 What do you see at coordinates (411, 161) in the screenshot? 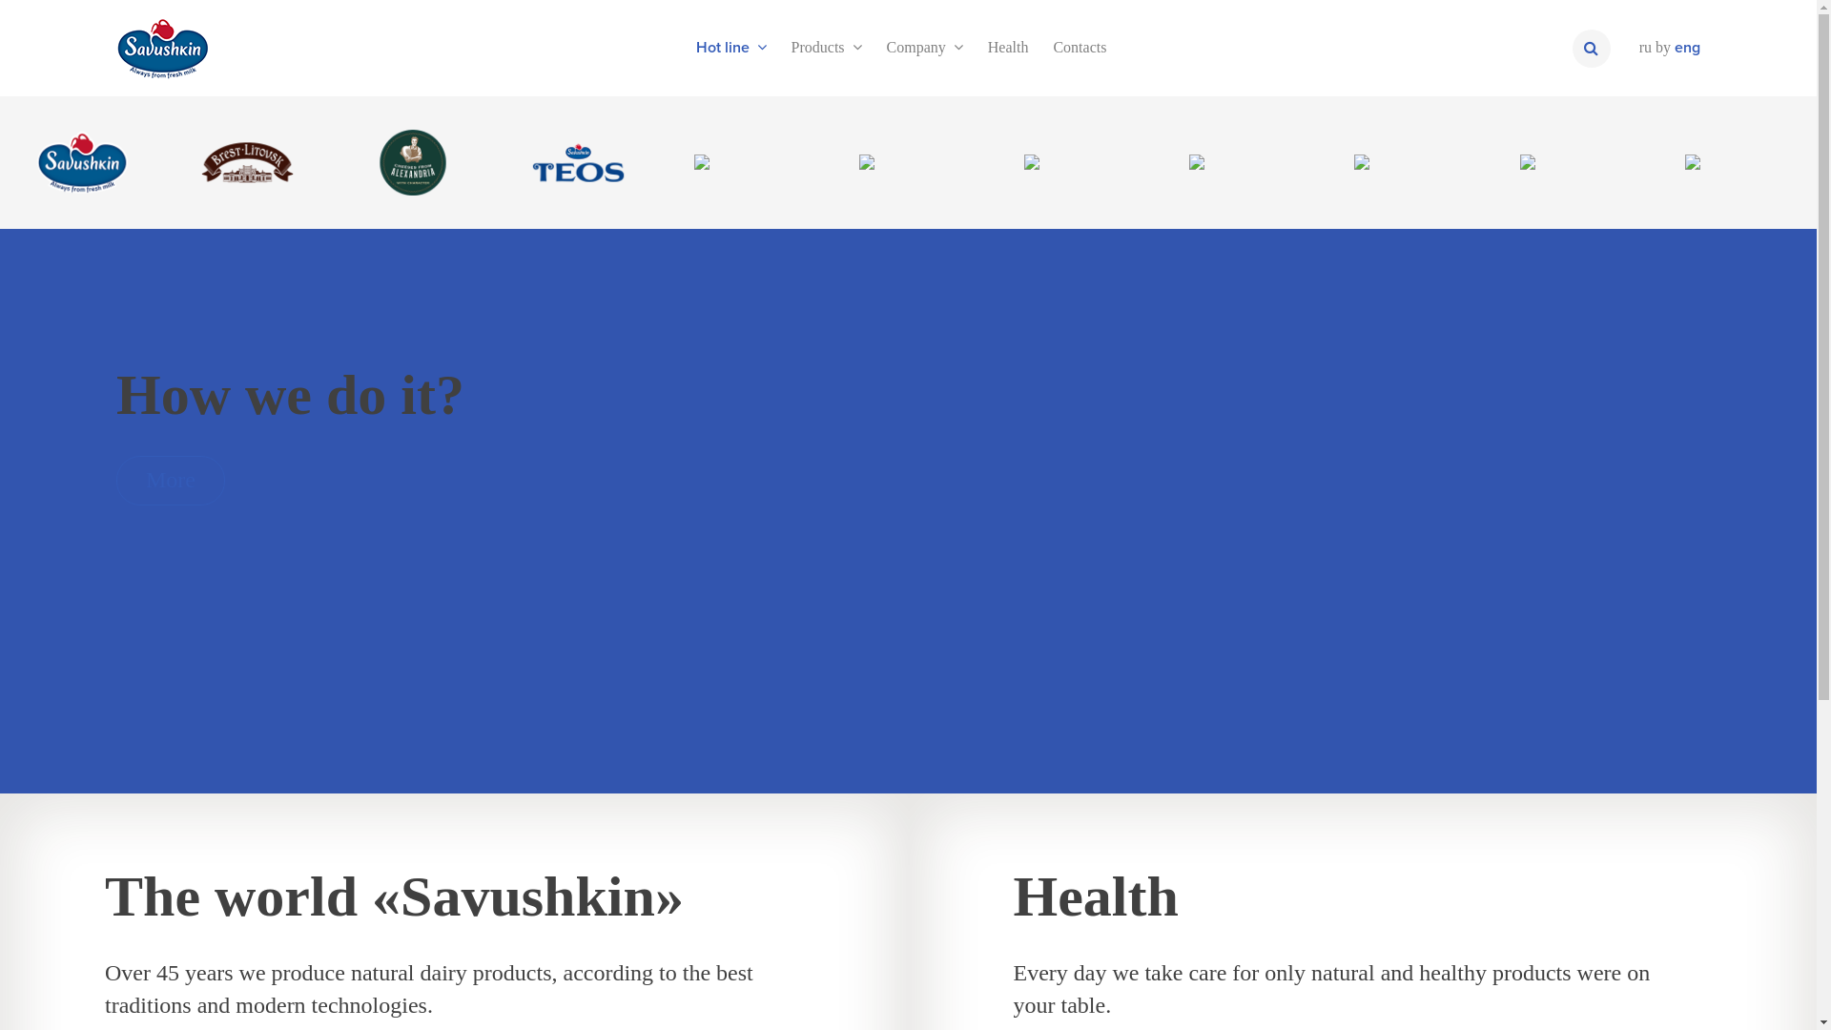
I see `'Aleksandriya'` at bounding box center [411, 161].